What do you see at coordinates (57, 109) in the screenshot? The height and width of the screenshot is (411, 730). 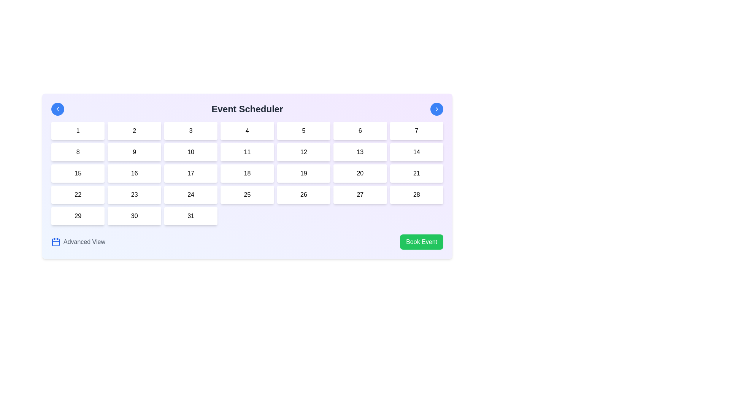 I see `the navigational icon inside the circular button` at bounding box center [57, 109].